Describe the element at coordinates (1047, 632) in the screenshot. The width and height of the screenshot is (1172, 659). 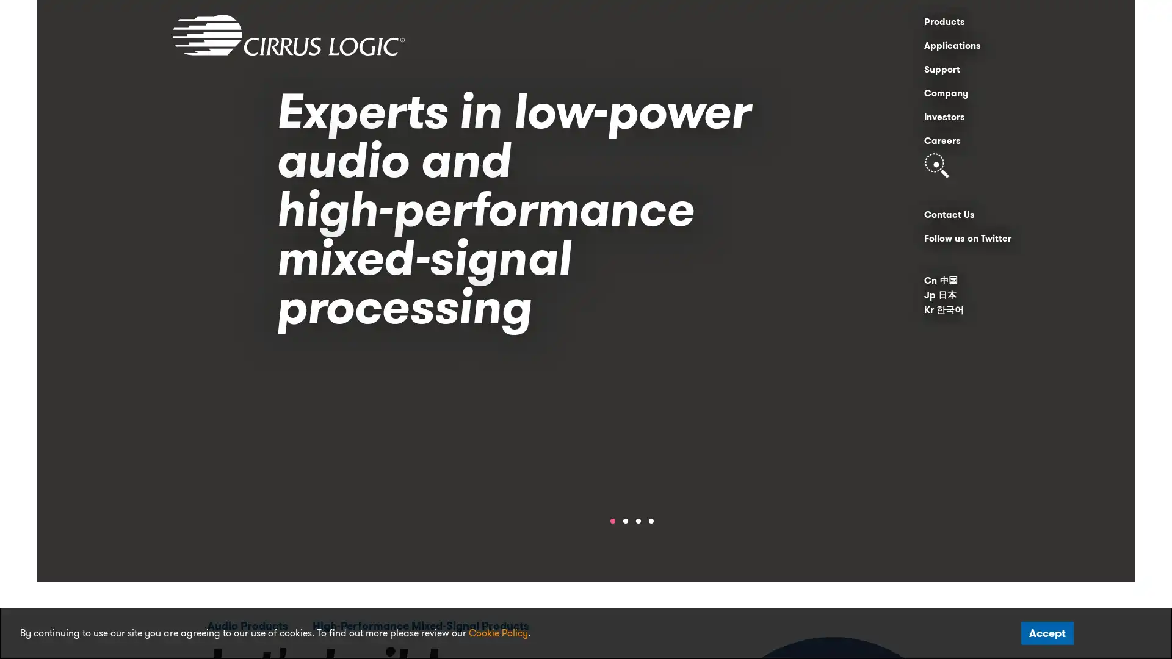
I see `Accept` at that location.